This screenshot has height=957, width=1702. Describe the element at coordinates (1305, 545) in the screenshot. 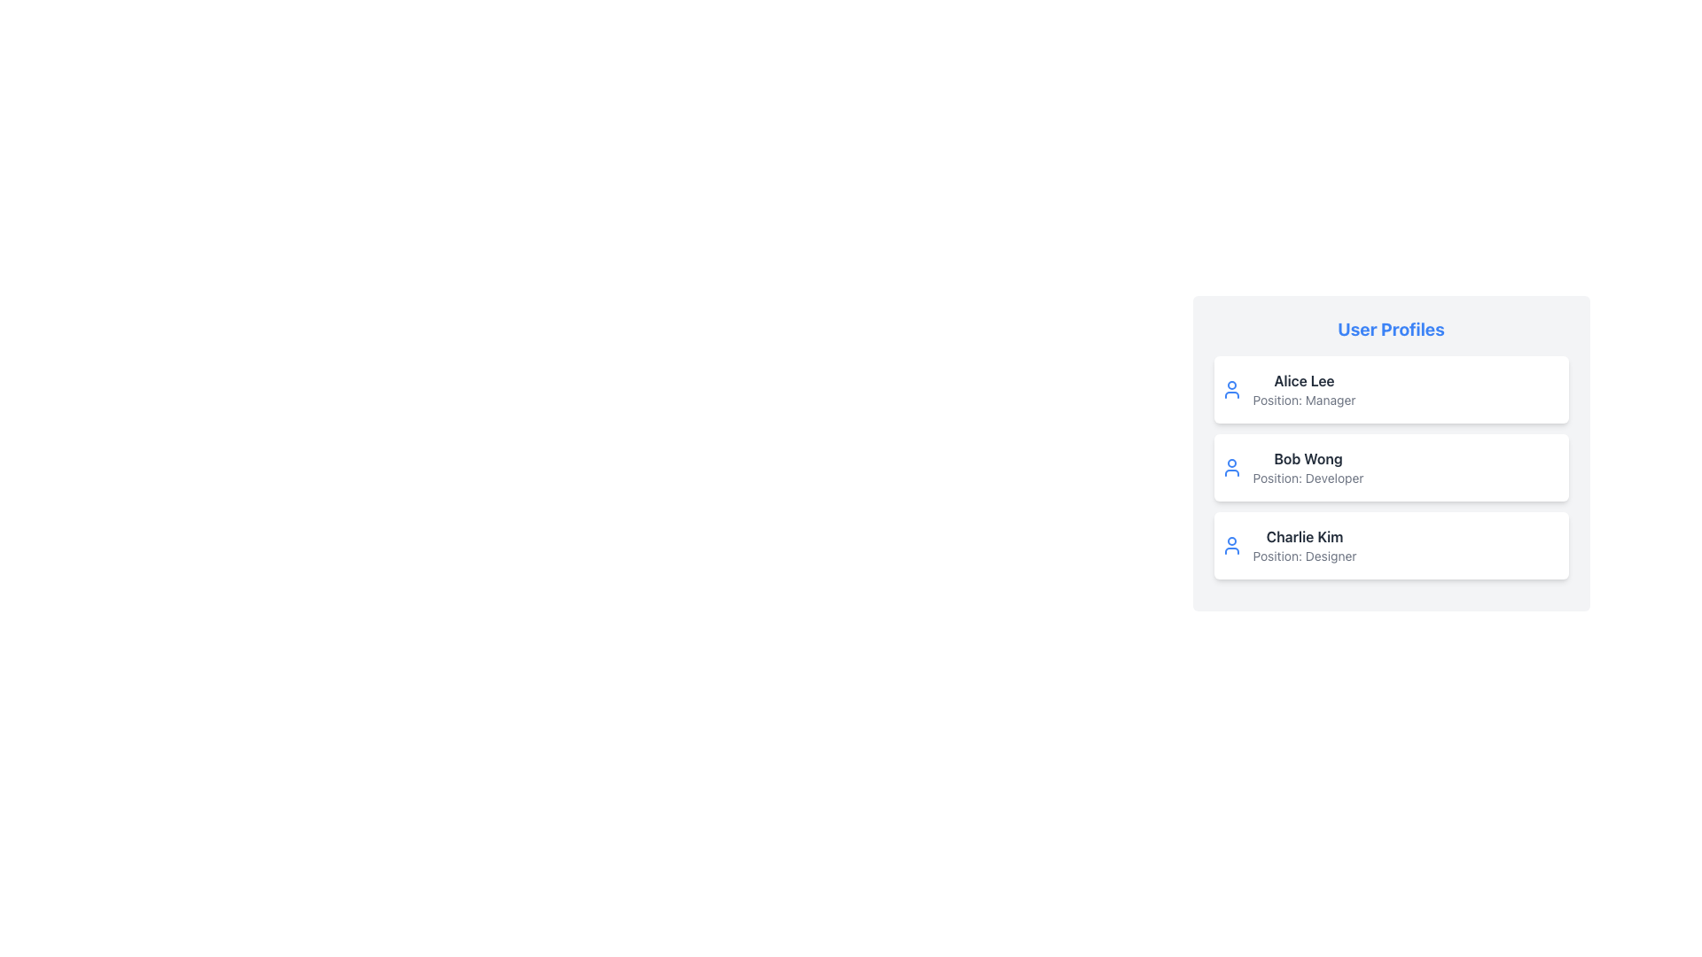

I see `the user profile entry text display field that shows the user's name and job title, located in the User Profiles section, at the third position of the list` at that location.